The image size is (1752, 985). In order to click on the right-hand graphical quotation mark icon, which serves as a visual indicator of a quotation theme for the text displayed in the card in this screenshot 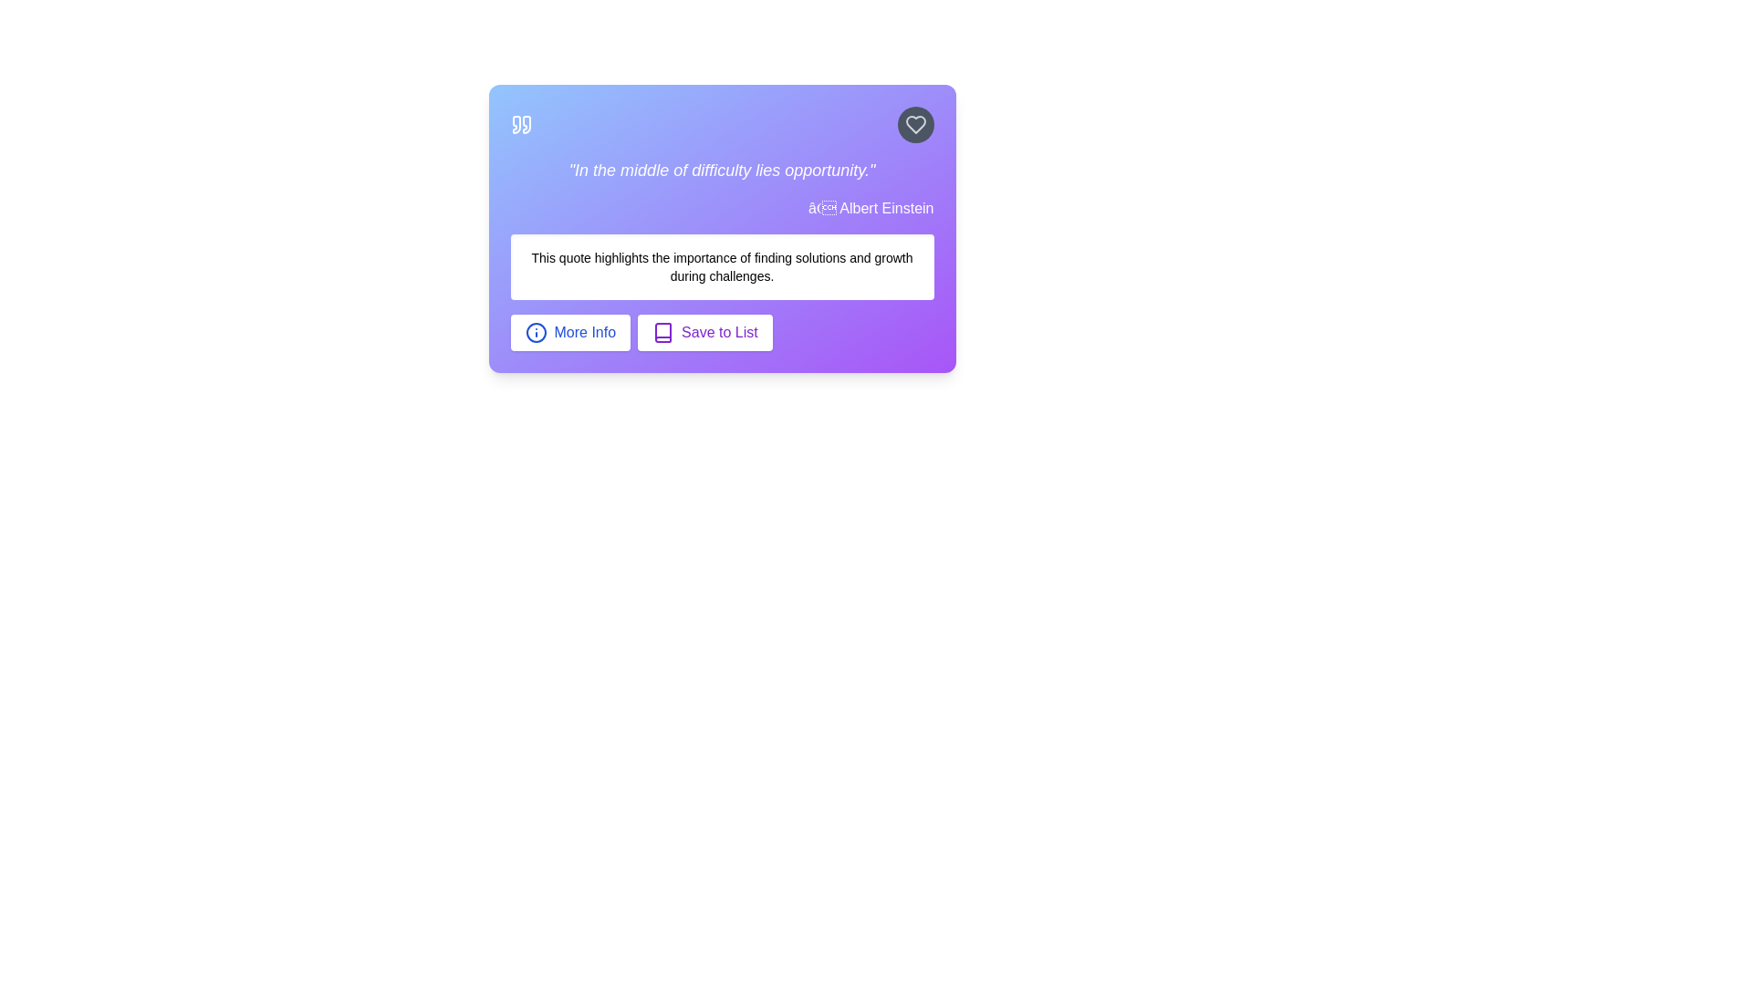, I will do `click(525, 124)`.